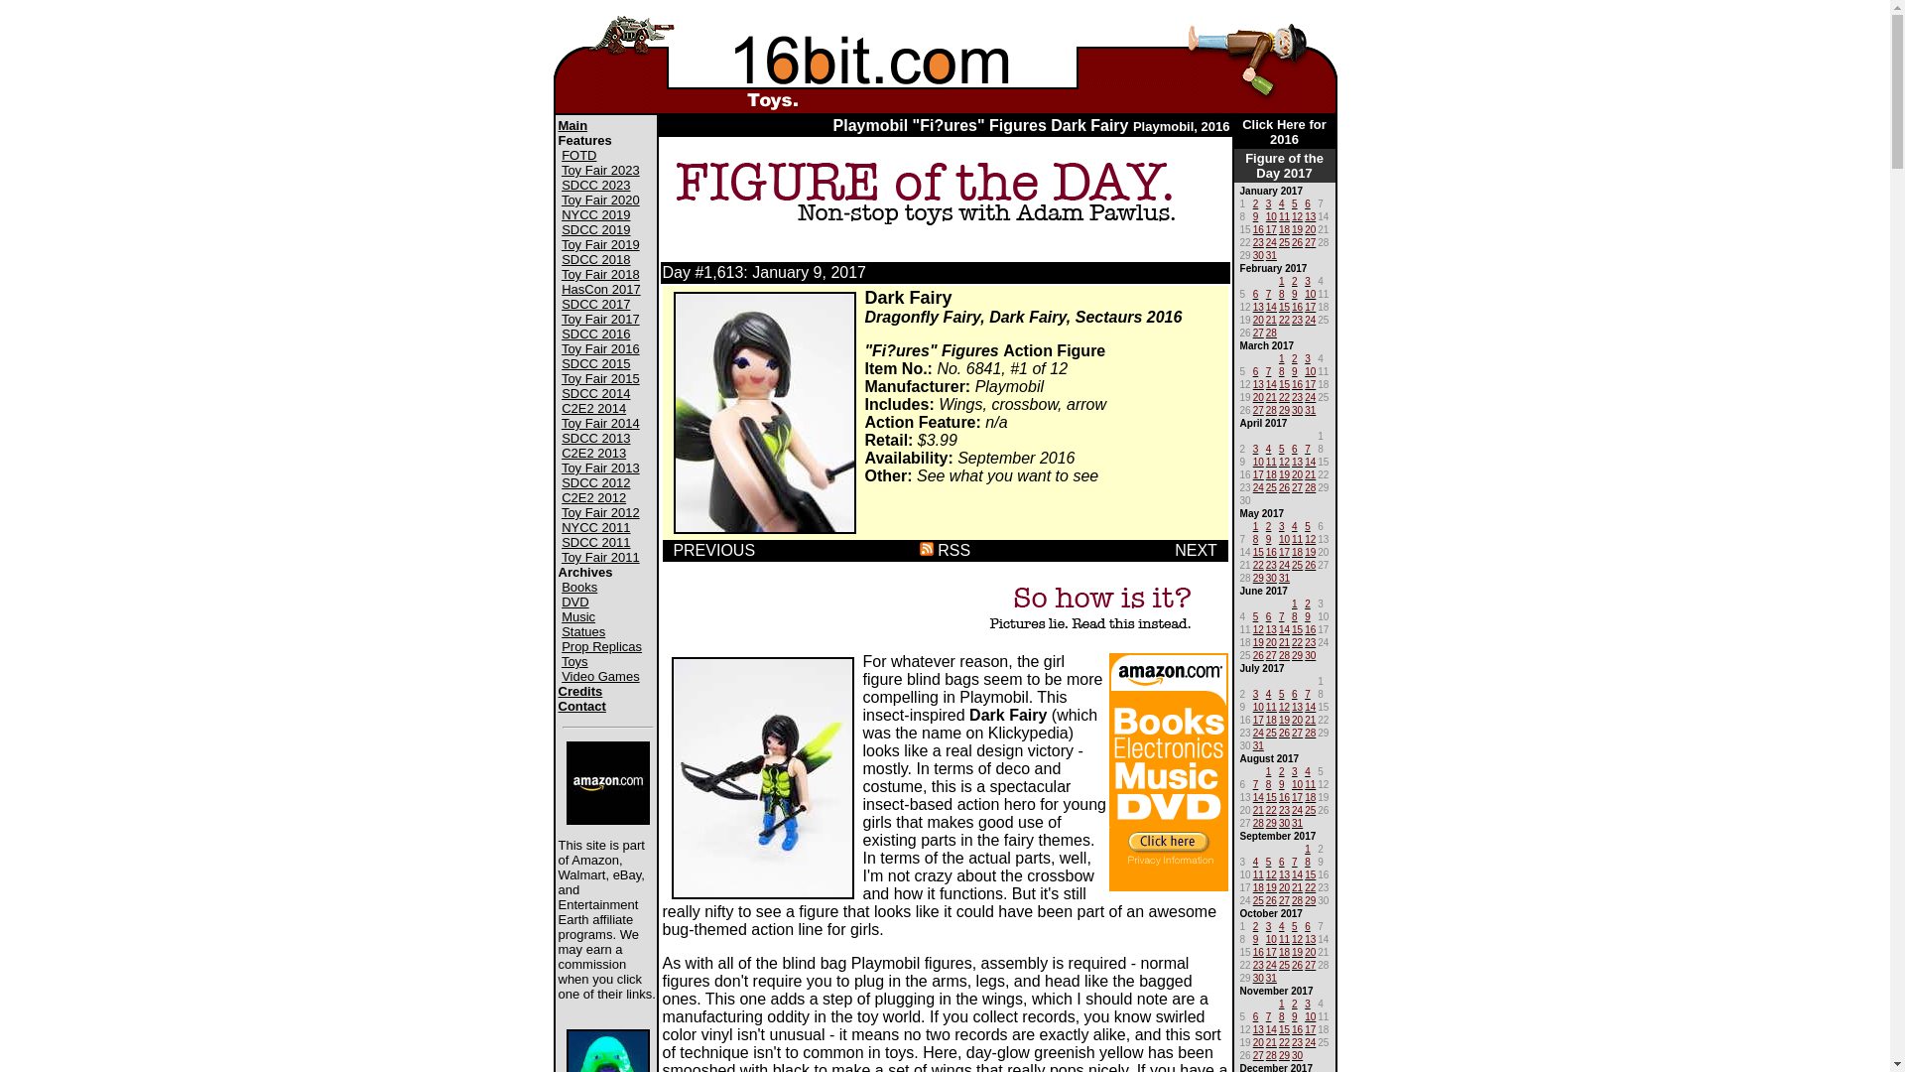 The image size is (1905, 1072). I want to click on 'Toys', so click(573, 661).